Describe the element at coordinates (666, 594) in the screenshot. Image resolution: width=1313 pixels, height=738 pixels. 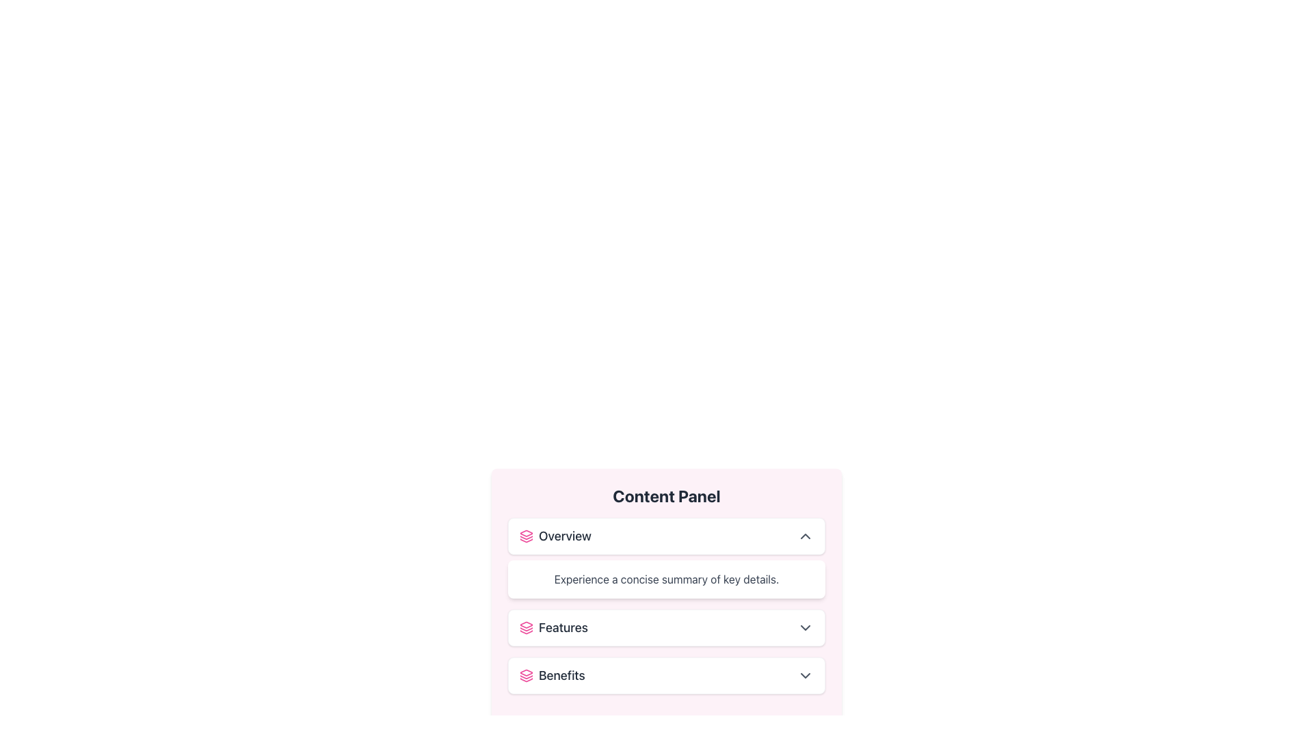
I see `the 'Content Panel' informational panel located at the center of the UI, which features rounded corners, a pink background, and includes sections labeled 'Overview', 'Features', and 'Benefits'` at that location.